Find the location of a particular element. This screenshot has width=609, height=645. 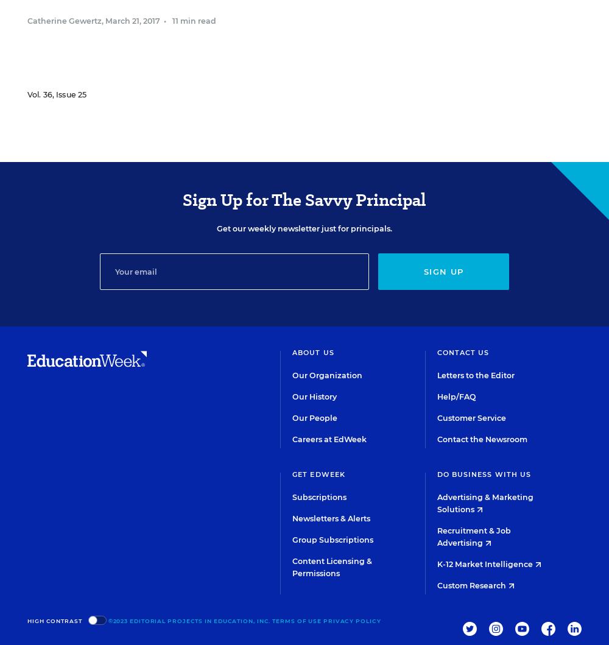

'Customer Service' is located at coordinates (471, 418).